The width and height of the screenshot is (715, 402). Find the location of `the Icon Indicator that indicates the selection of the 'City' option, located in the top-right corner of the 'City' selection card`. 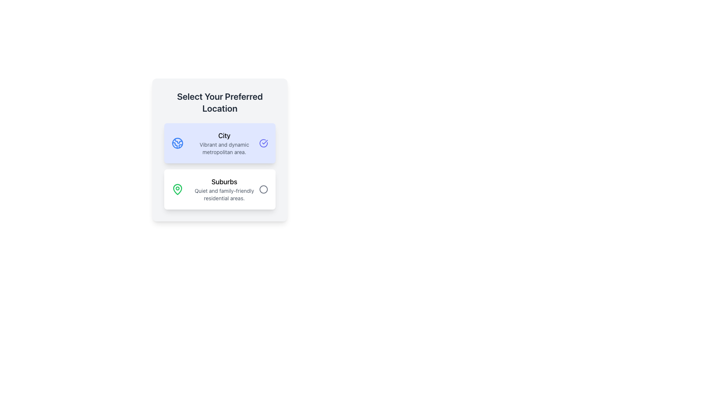

the Icon Indicator that indicates the selection of the 'City' option, located in the top-right corner of the 'City' selection card is located at coordinates (264, 143).